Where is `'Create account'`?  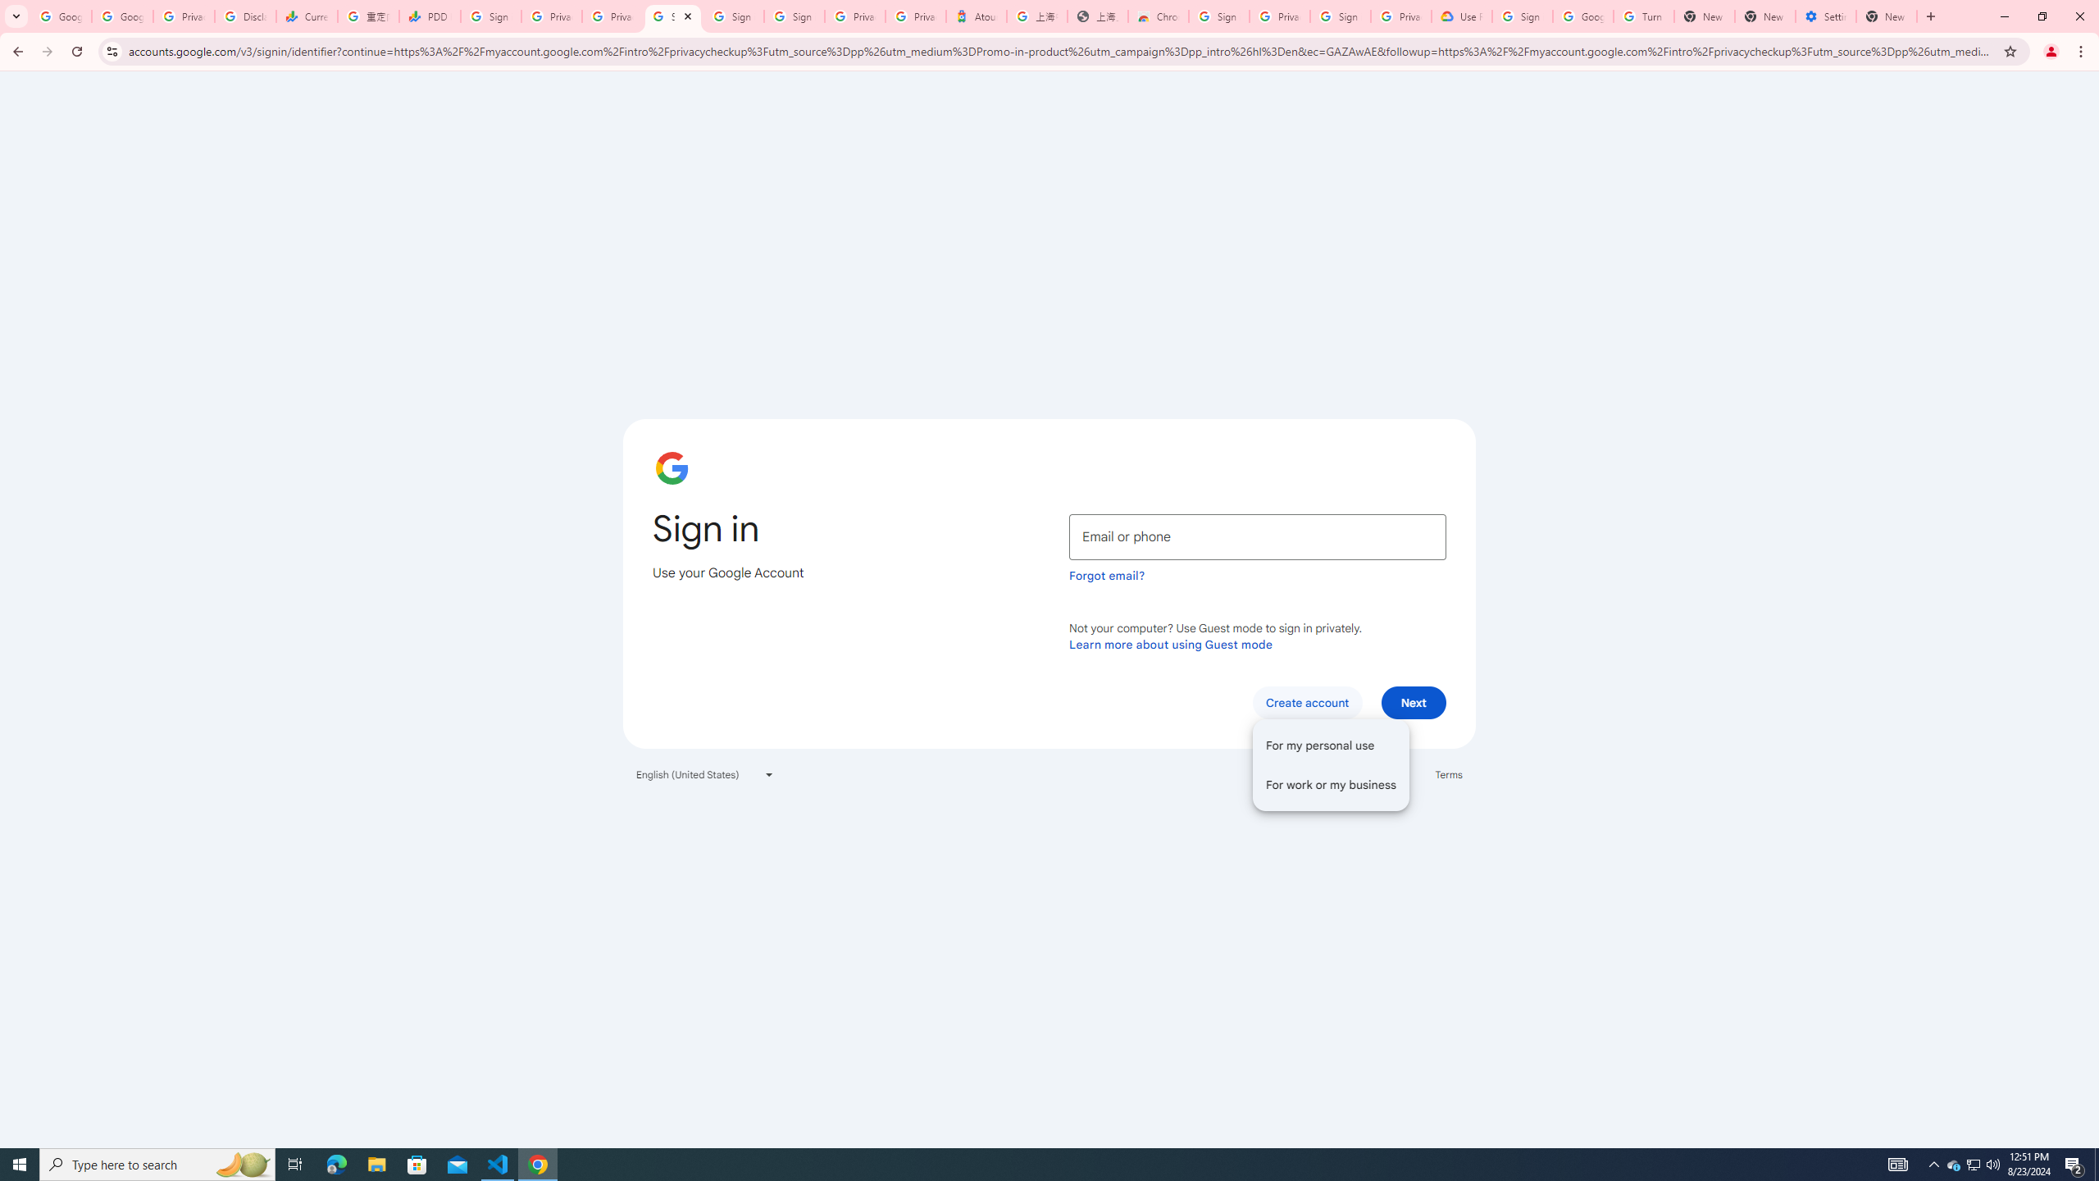 'Create account' is located at coordinates (1306, 701).